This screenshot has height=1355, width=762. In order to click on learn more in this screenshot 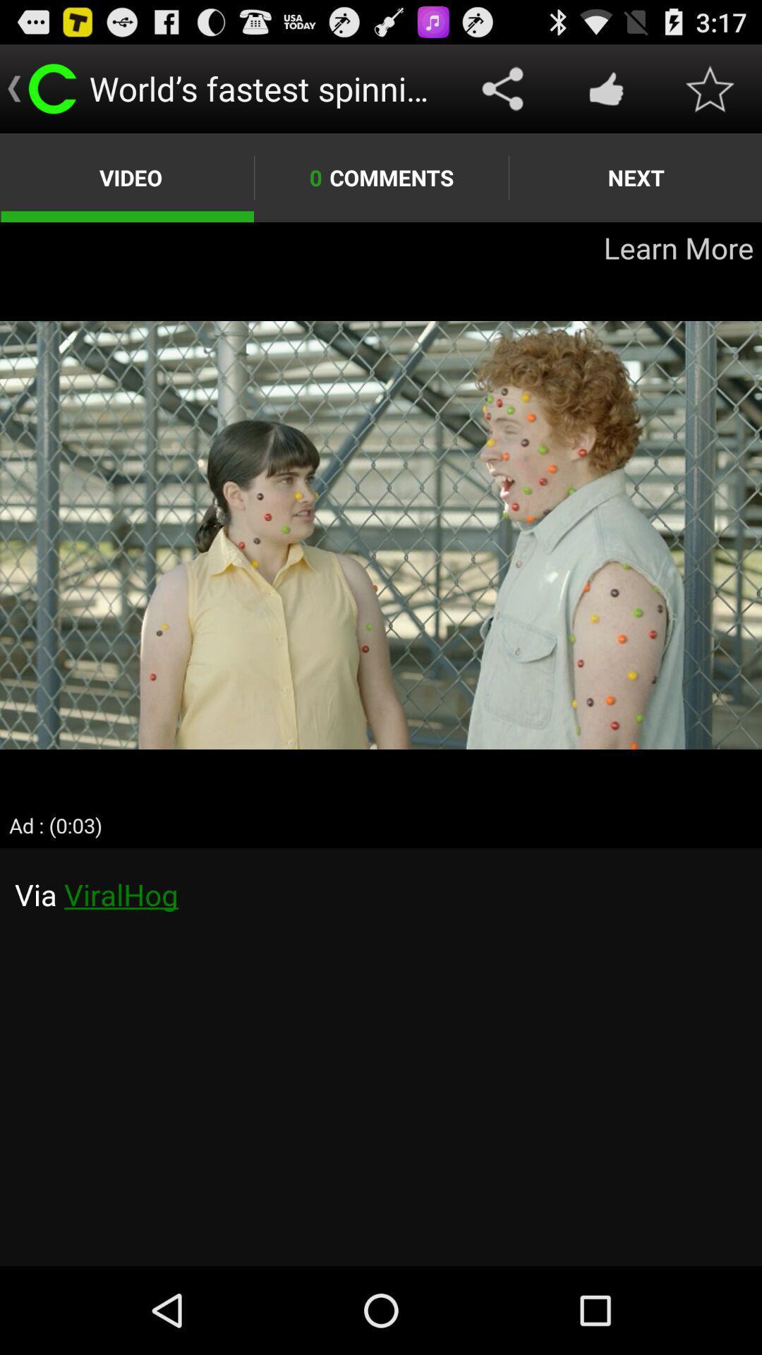, I will do `click(381, 534)`.